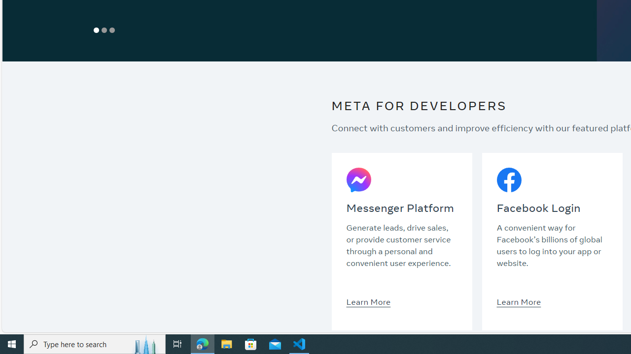 The image size is (631, 354). What do you see at coordinates (104, 29) in the screenshot?
I see `'Show Slide 2'` at bounding box center [104, 29].